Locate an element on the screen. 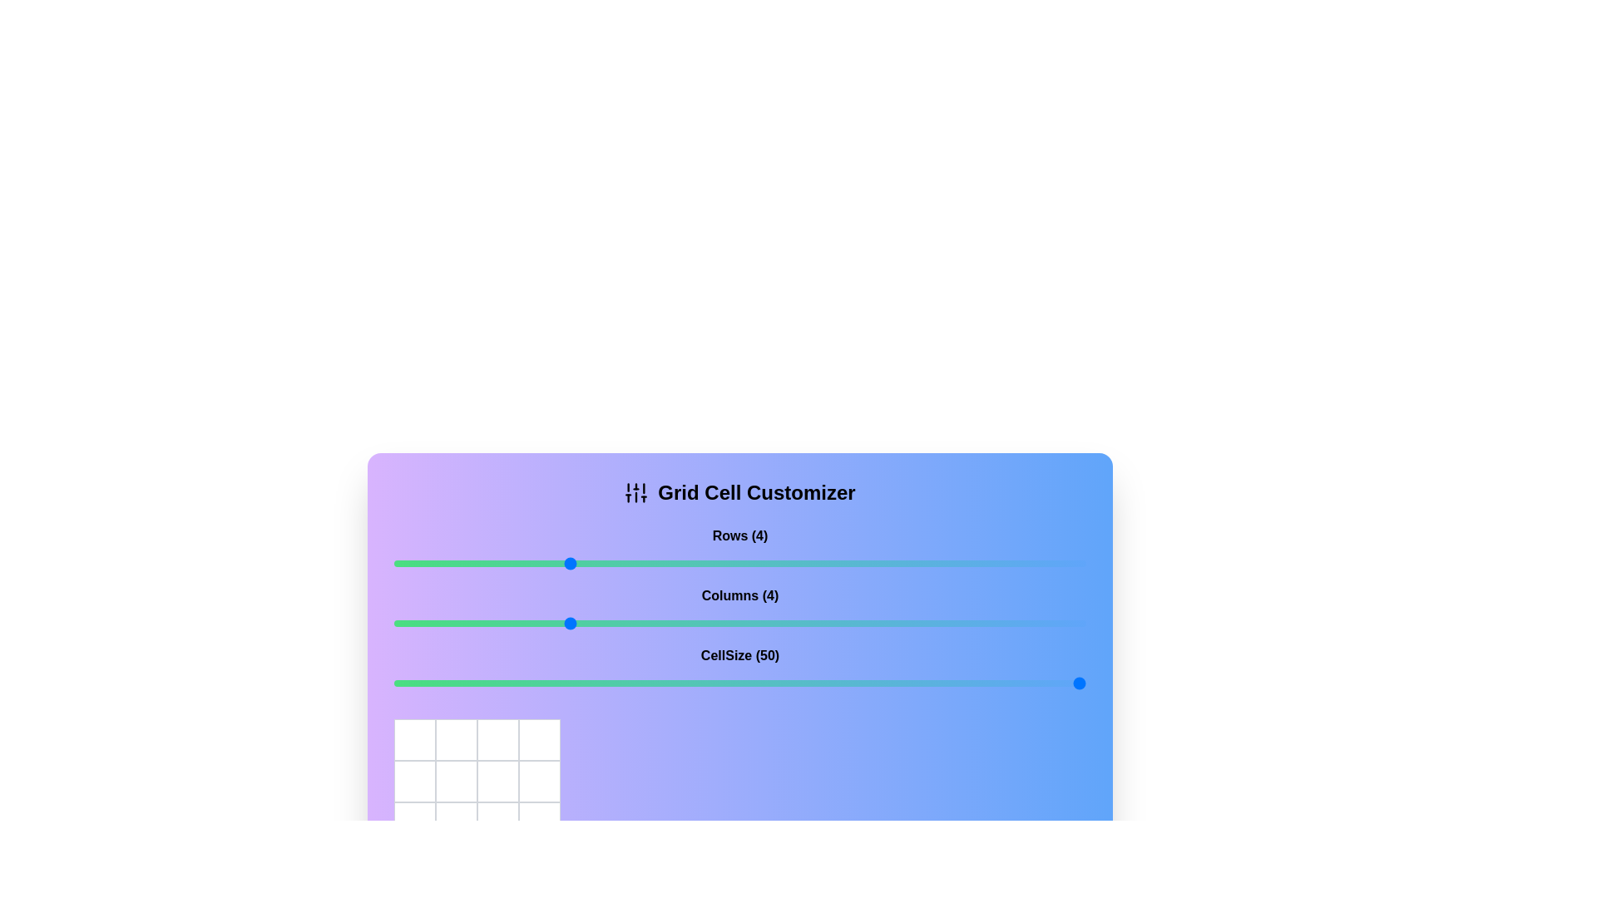  the 'CellSize' slider to 4 value is located at coordinates (566, 683).